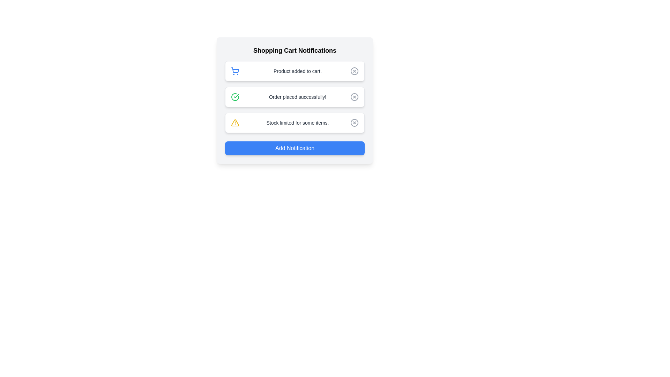 This screenshot has width=670, height=377. Describe the element at coordinates (295, 50) in the screenshot. I see `the header text 'Shopping Cart Notifications' which is styled in bold black text at the top of the notification panel` at that location.